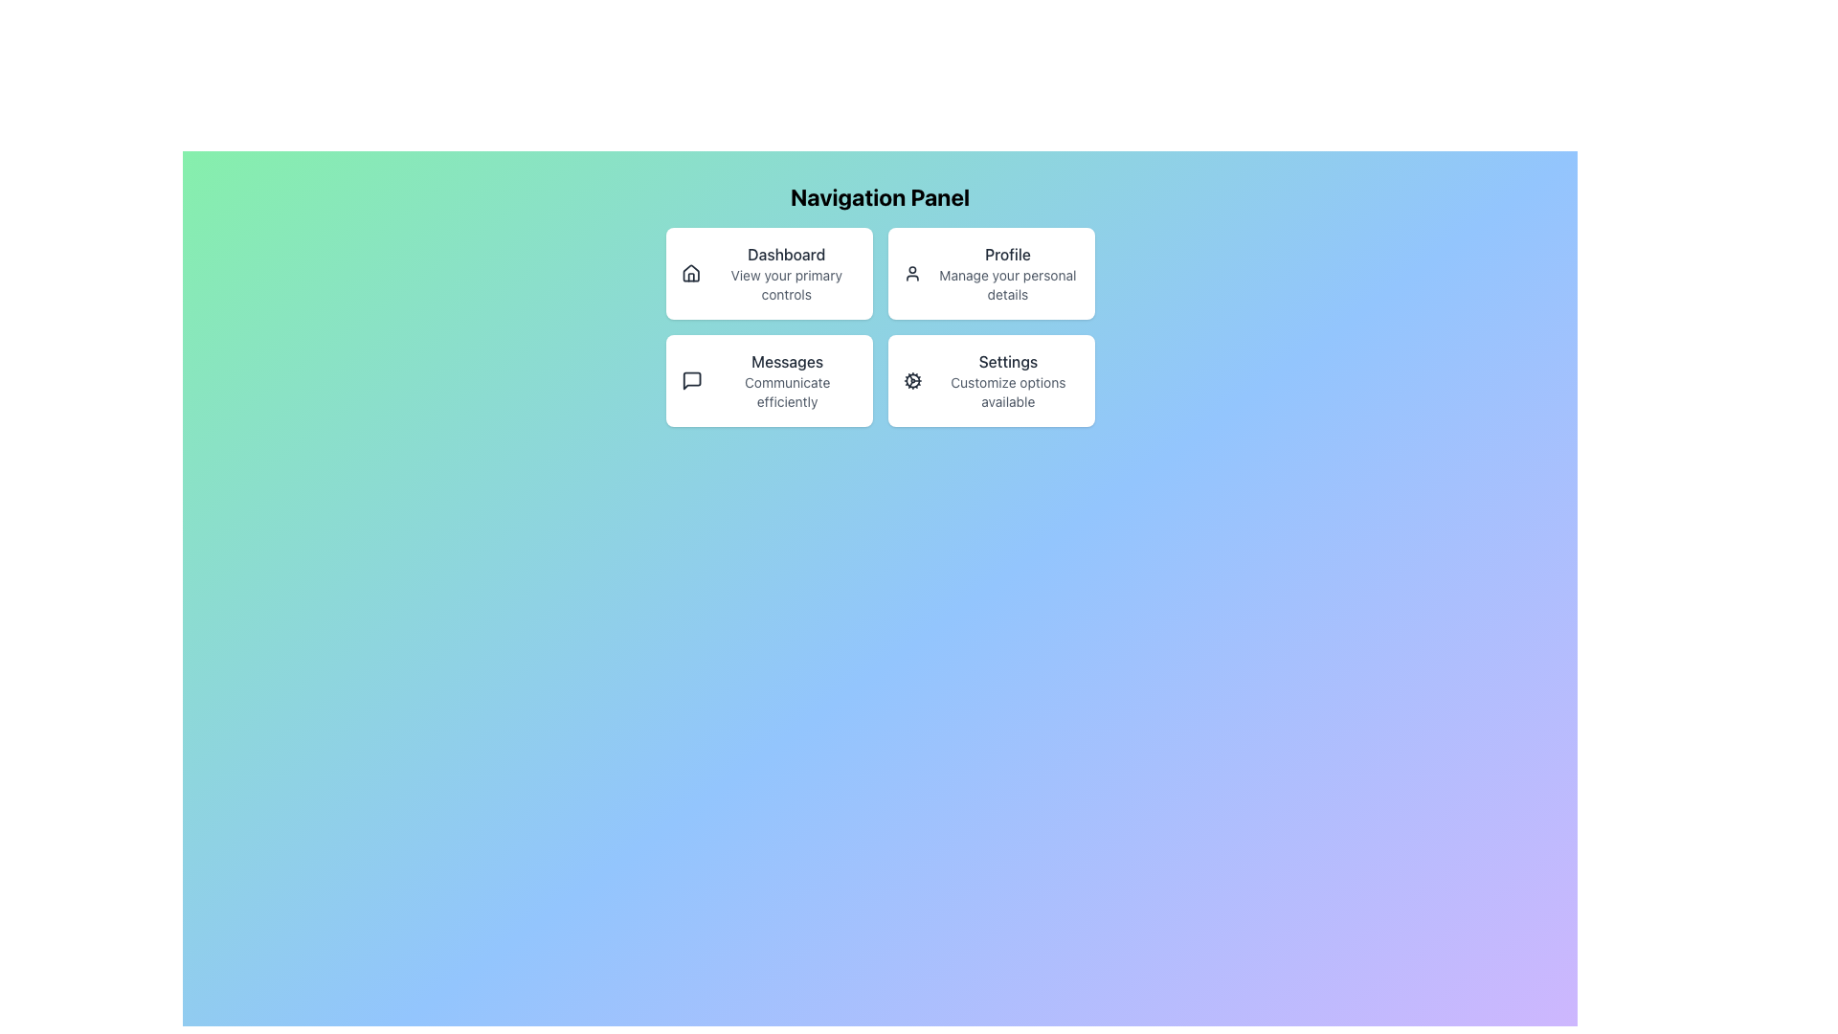  I want to click on the 'Settings' interactive text label within the fourth card element, which is aligned to the center of the card and features a gear icon on its left, so click(1007, 380).